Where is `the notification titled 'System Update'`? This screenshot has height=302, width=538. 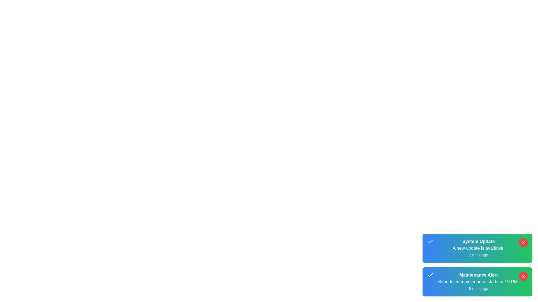 the notification titled 'System Update' is located at coordinates (477, 248).